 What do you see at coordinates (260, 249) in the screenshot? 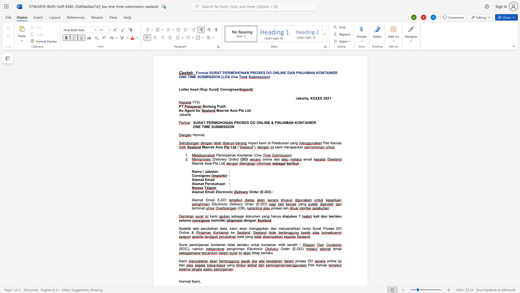
I see `the subset text "ic" within the text "Electronic"` at bounding box center [260, 249].